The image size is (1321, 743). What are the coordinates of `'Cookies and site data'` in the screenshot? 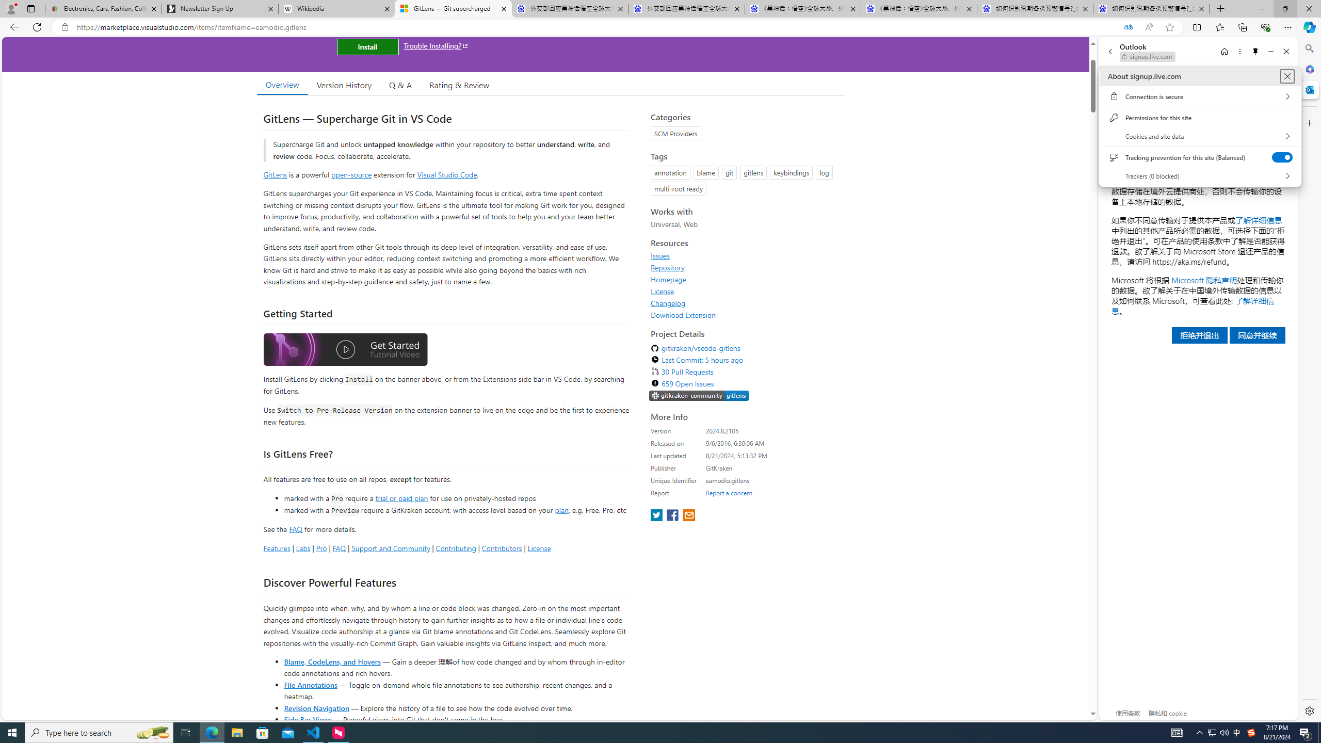 It's located at (1199, 136).